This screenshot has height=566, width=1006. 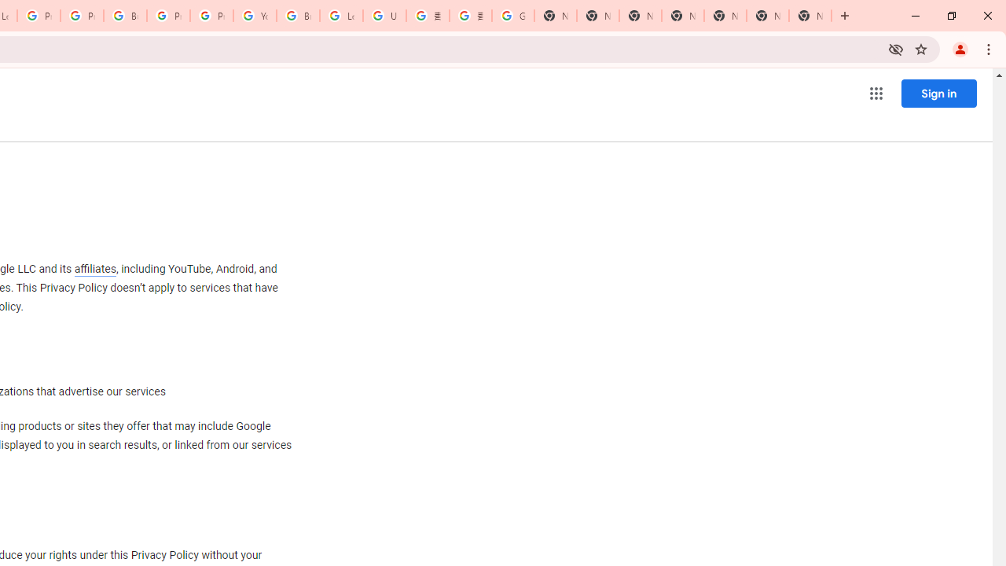 What do you see at coordinates (39, 16) in the screenshot?
I see `'Privacy Help Center - Policies Help'` at bounding box center [39, 16].